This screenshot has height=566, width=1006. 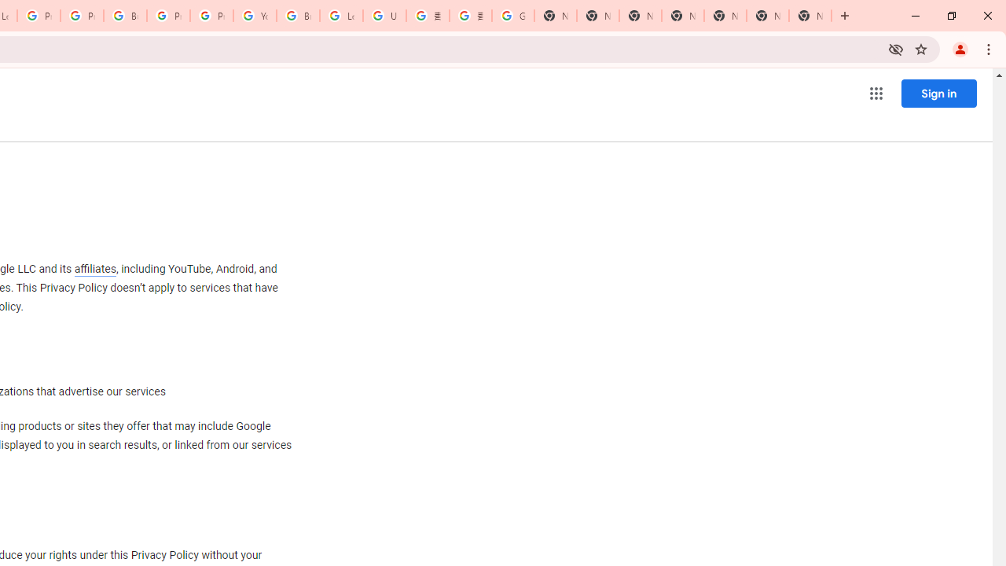 What do you see at coordinates (39, 16) in the screenshot?
I see `'Privacy Help Center - Policies Help'` at bounding box center [39, 16].